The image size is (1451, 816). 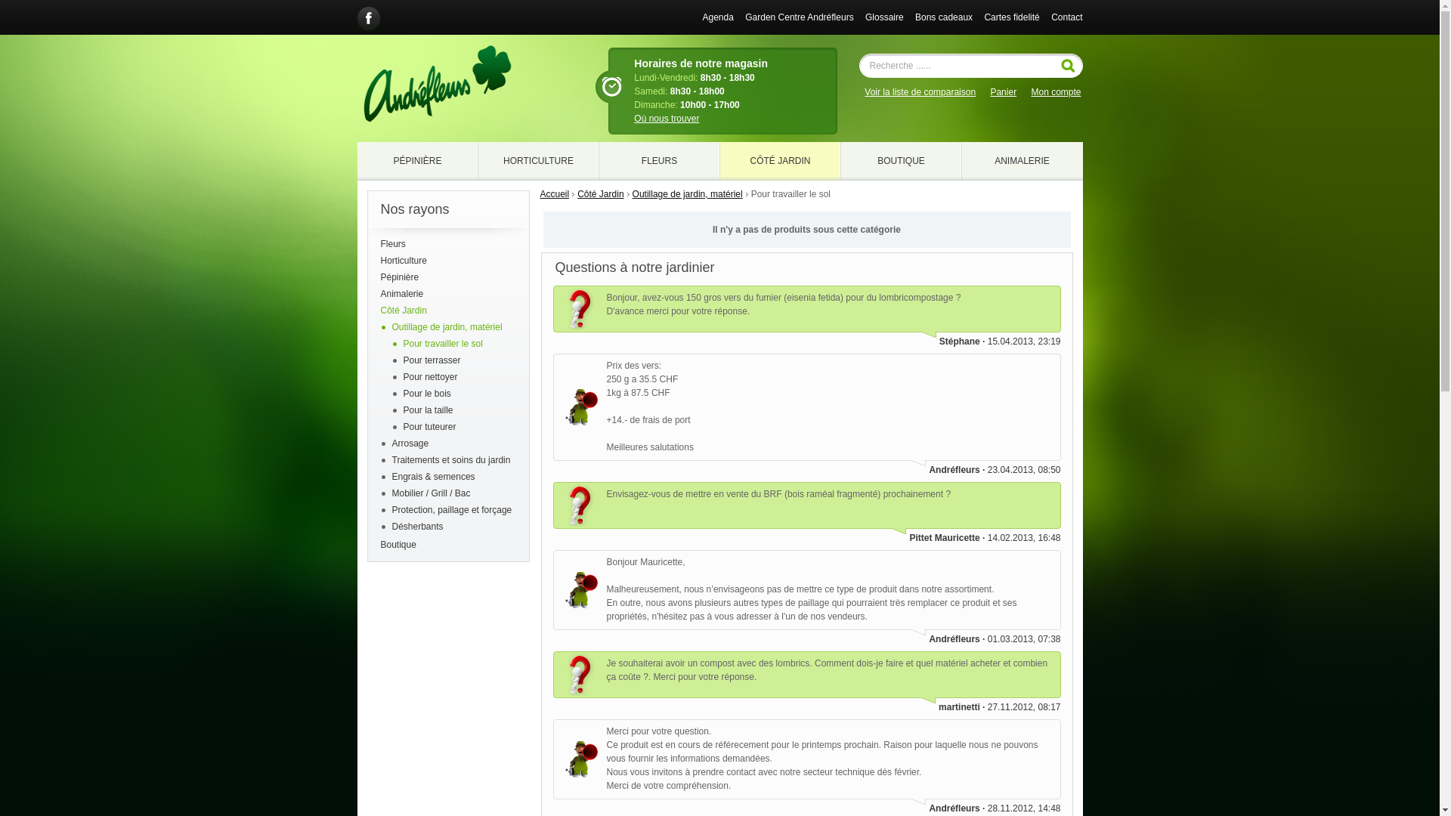 What do you see at coordinates (427, 410) in the screenshot?
I see `'Pour la taille'` at bounding box center [427, 410].